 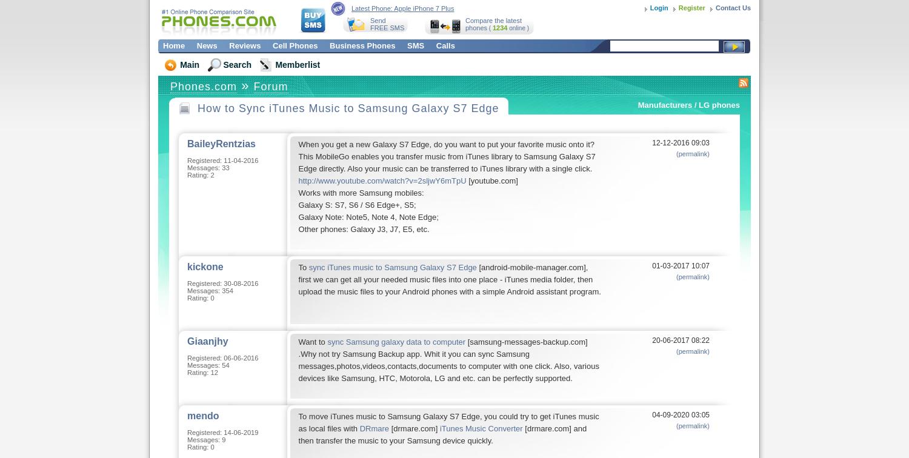 I want to click on 'Memberlist', so click(x=296, y=64).